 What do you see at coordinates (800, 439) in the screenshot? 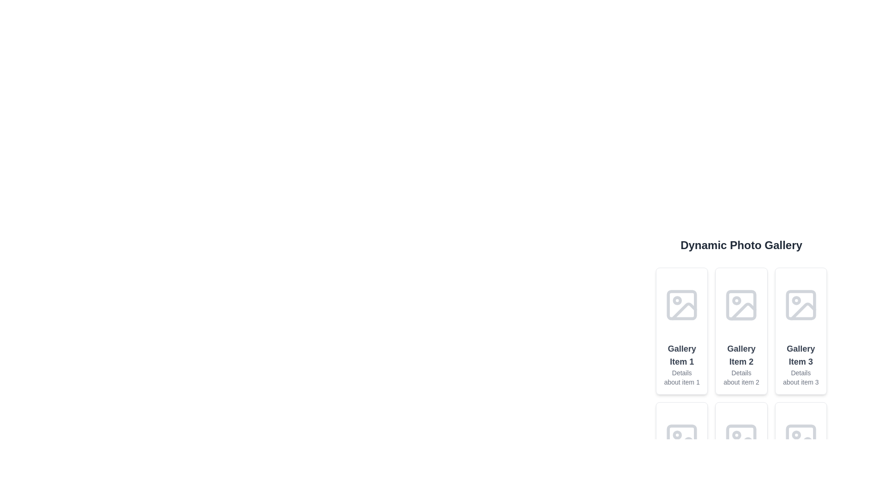
I see `the minimalistic Placeholder Image Icon, which is a light gray rectangle with a circular element inside and a diagonal line, located above the text 'Gallery Item 6' within the outlined gallery card` at bounding box center [800, 439].